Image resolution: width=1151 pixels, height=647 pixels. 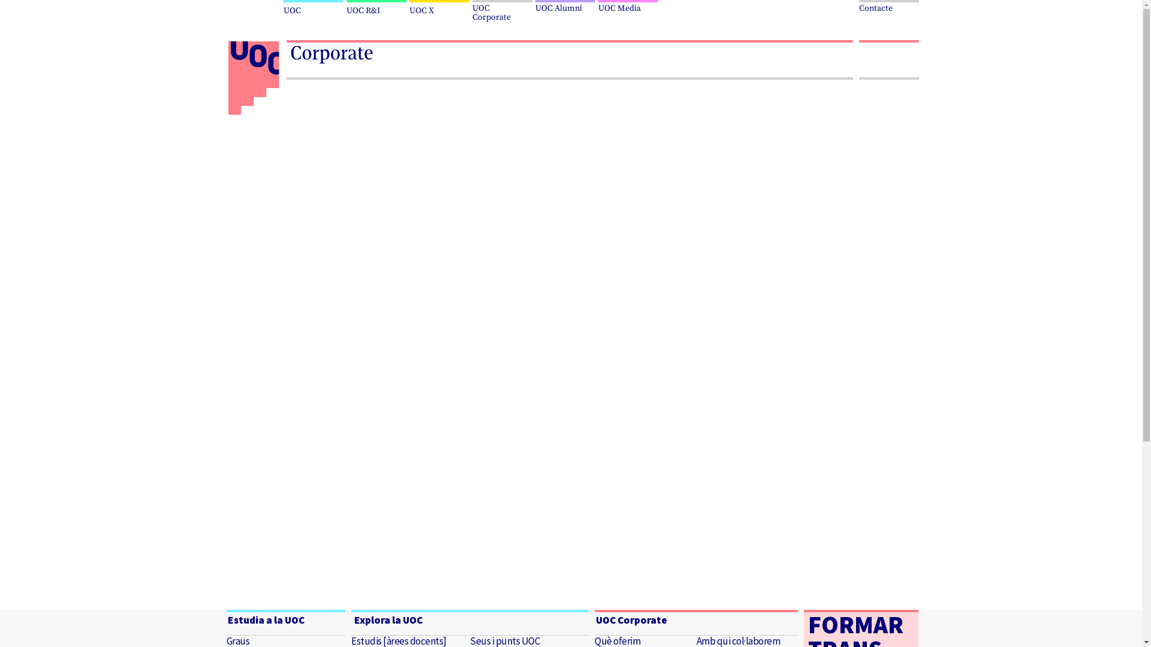 What do you see at coordinates (565, 7) in the screenshot?
I see `'UOC Alumni'` at bounding box center [565, 7].